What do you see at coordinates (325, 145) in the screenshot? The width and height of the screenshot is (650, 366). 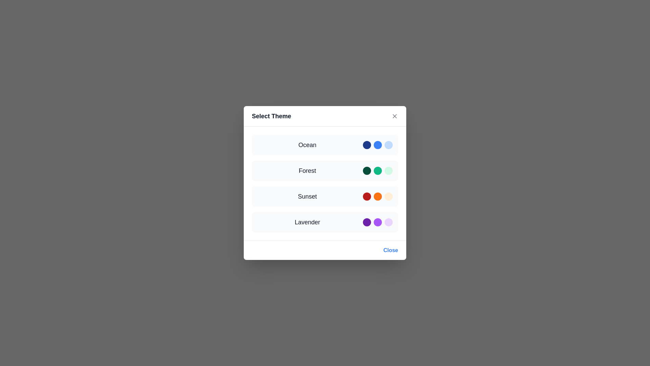 I see `the theme Ocean by clicking on its corresponding interactive area` at bounding box center [325, 145].